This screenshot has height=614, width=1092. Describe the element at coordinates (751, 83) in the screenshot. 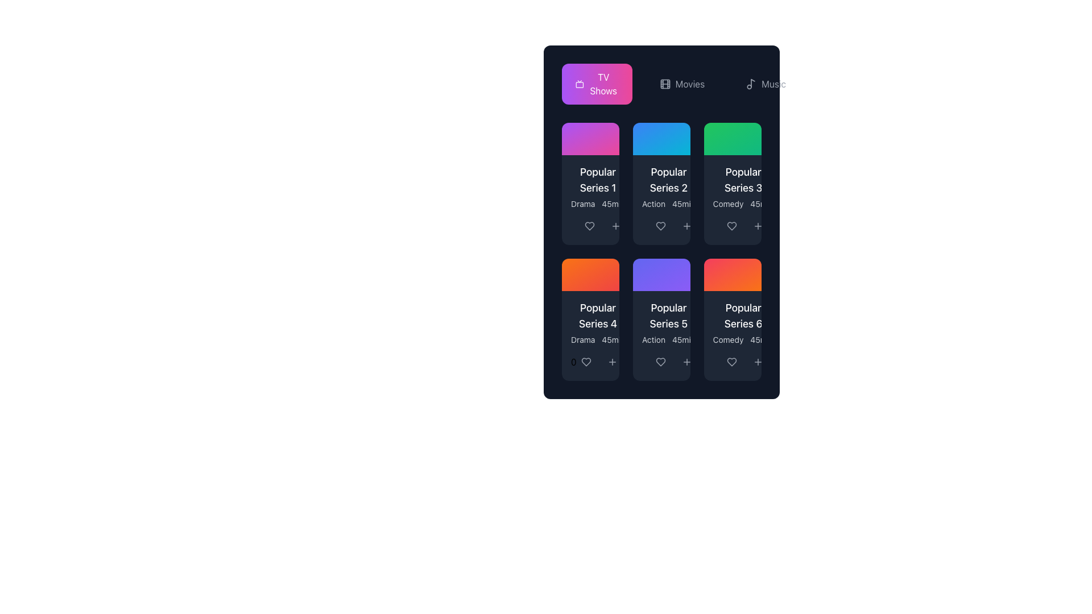

I see `the simplified musical note icon located in the top navigation bar, adjacent to the 'Music' text label` at that location.